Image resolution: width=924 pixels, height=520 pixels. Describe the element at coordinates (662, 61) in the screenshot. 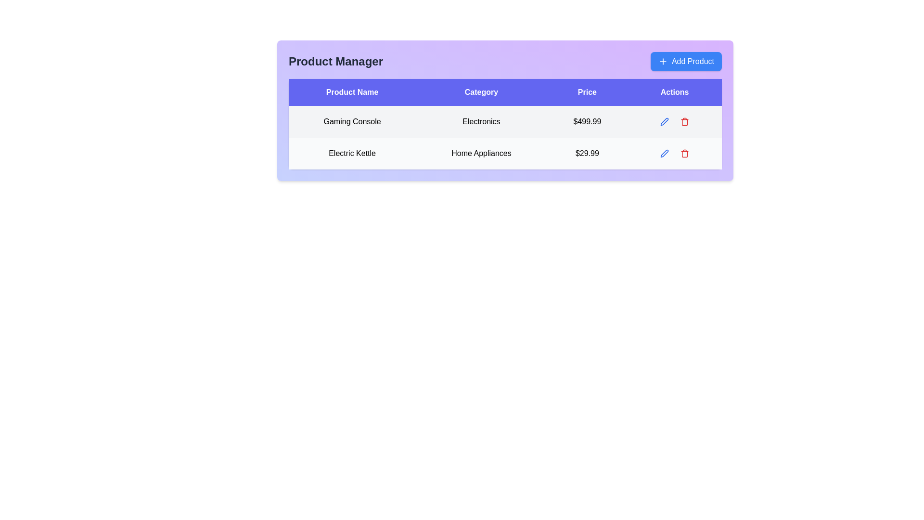

I see `the plus-shaped vector icon inside the 'Add Product' button, which is positioned to the left of the label text and aligned horizontally at the center` at that location.